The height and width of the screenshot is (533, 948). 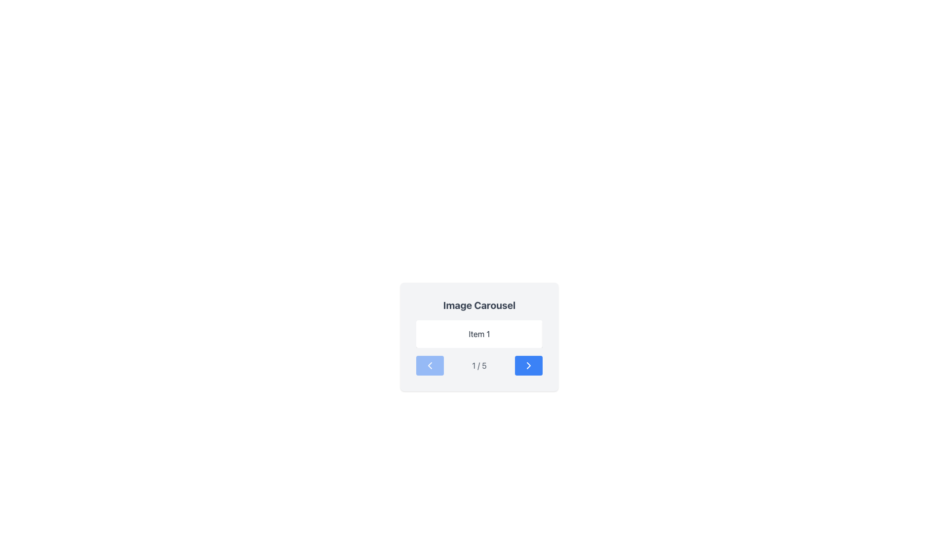 What do you see at coordinates (479, 305) in the screenshot?
I see `the Header Text element displaying 'Image Carousel', which is styled in bold with a larger font size and is prominently positioned at the top of a light-gray card` at bounding box center [479, 305].